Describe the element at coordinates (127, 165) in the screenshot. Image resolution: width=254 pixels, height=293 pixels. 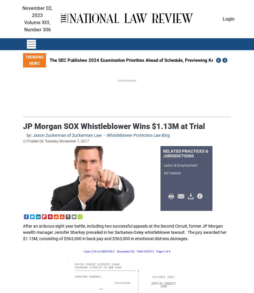
I see `'Antitrust Law'` at that location.